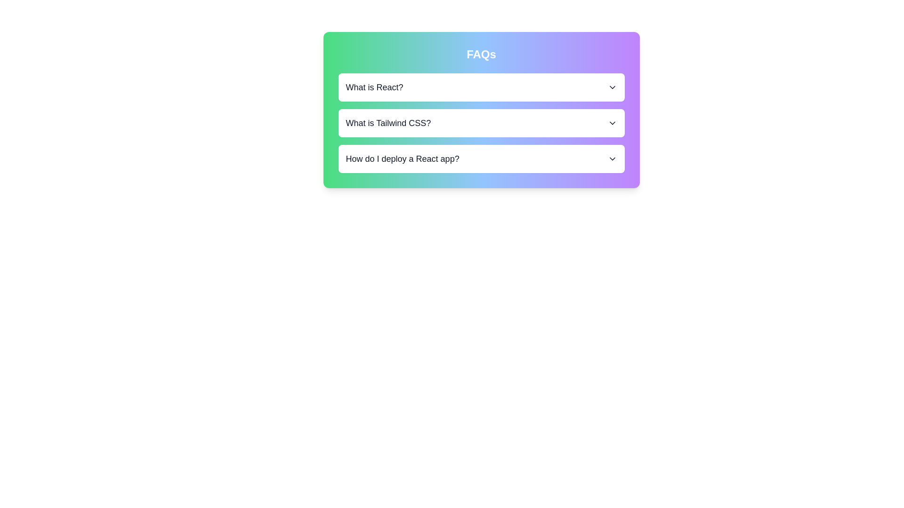 The width and height of the screenshot is (904, 508). What do you see at coordinates (612, 87) in the screenshot?
I see `the downward chevron icon located at the right edge of the 'What is React?' question card` at bounding box center [612, 87].